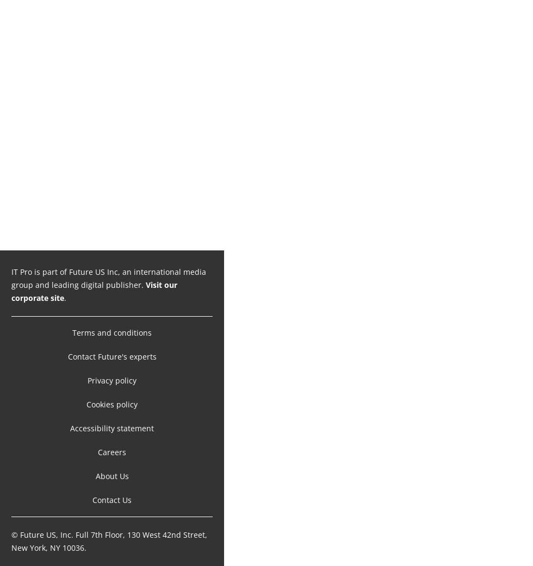 The image size is (533, 566). What do you see at coordinates (95, 475) in the screenshot?
I see `'About Us'` at bounding box center [95, 475].